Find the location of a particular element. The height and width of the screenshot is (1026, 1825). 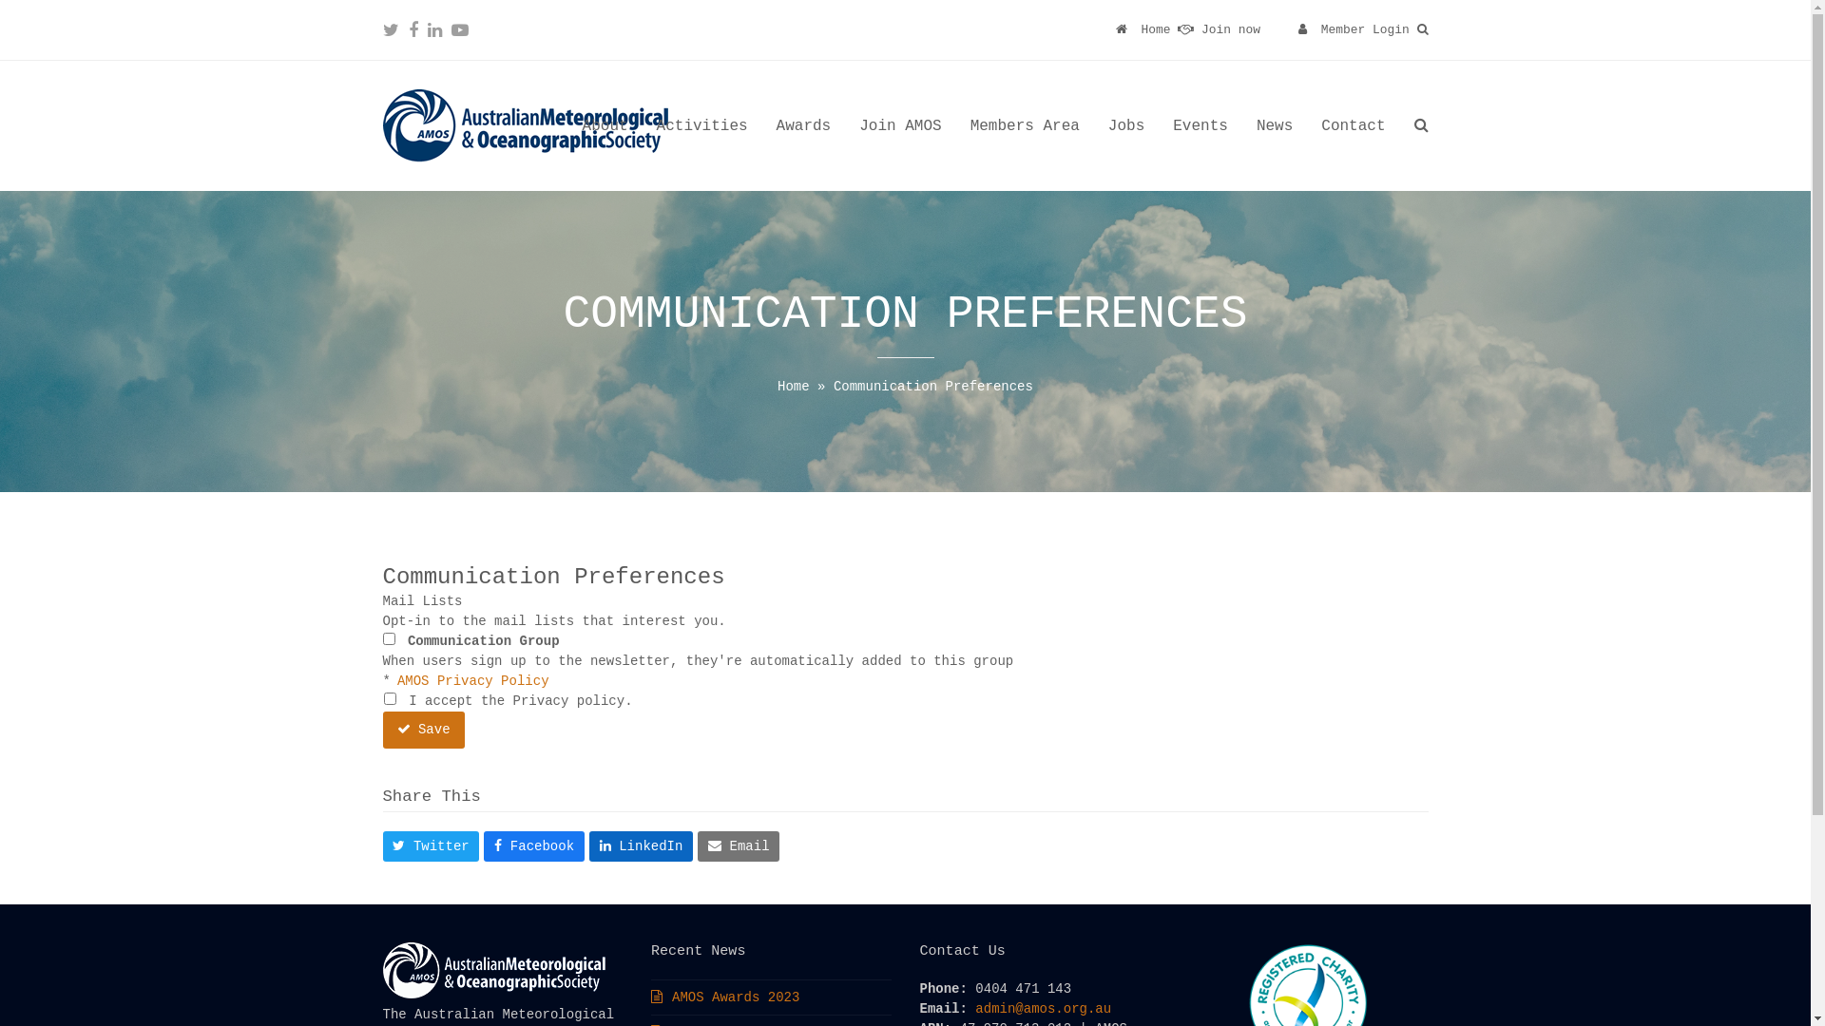

'Contact' is located at coordinates (1352, 125).